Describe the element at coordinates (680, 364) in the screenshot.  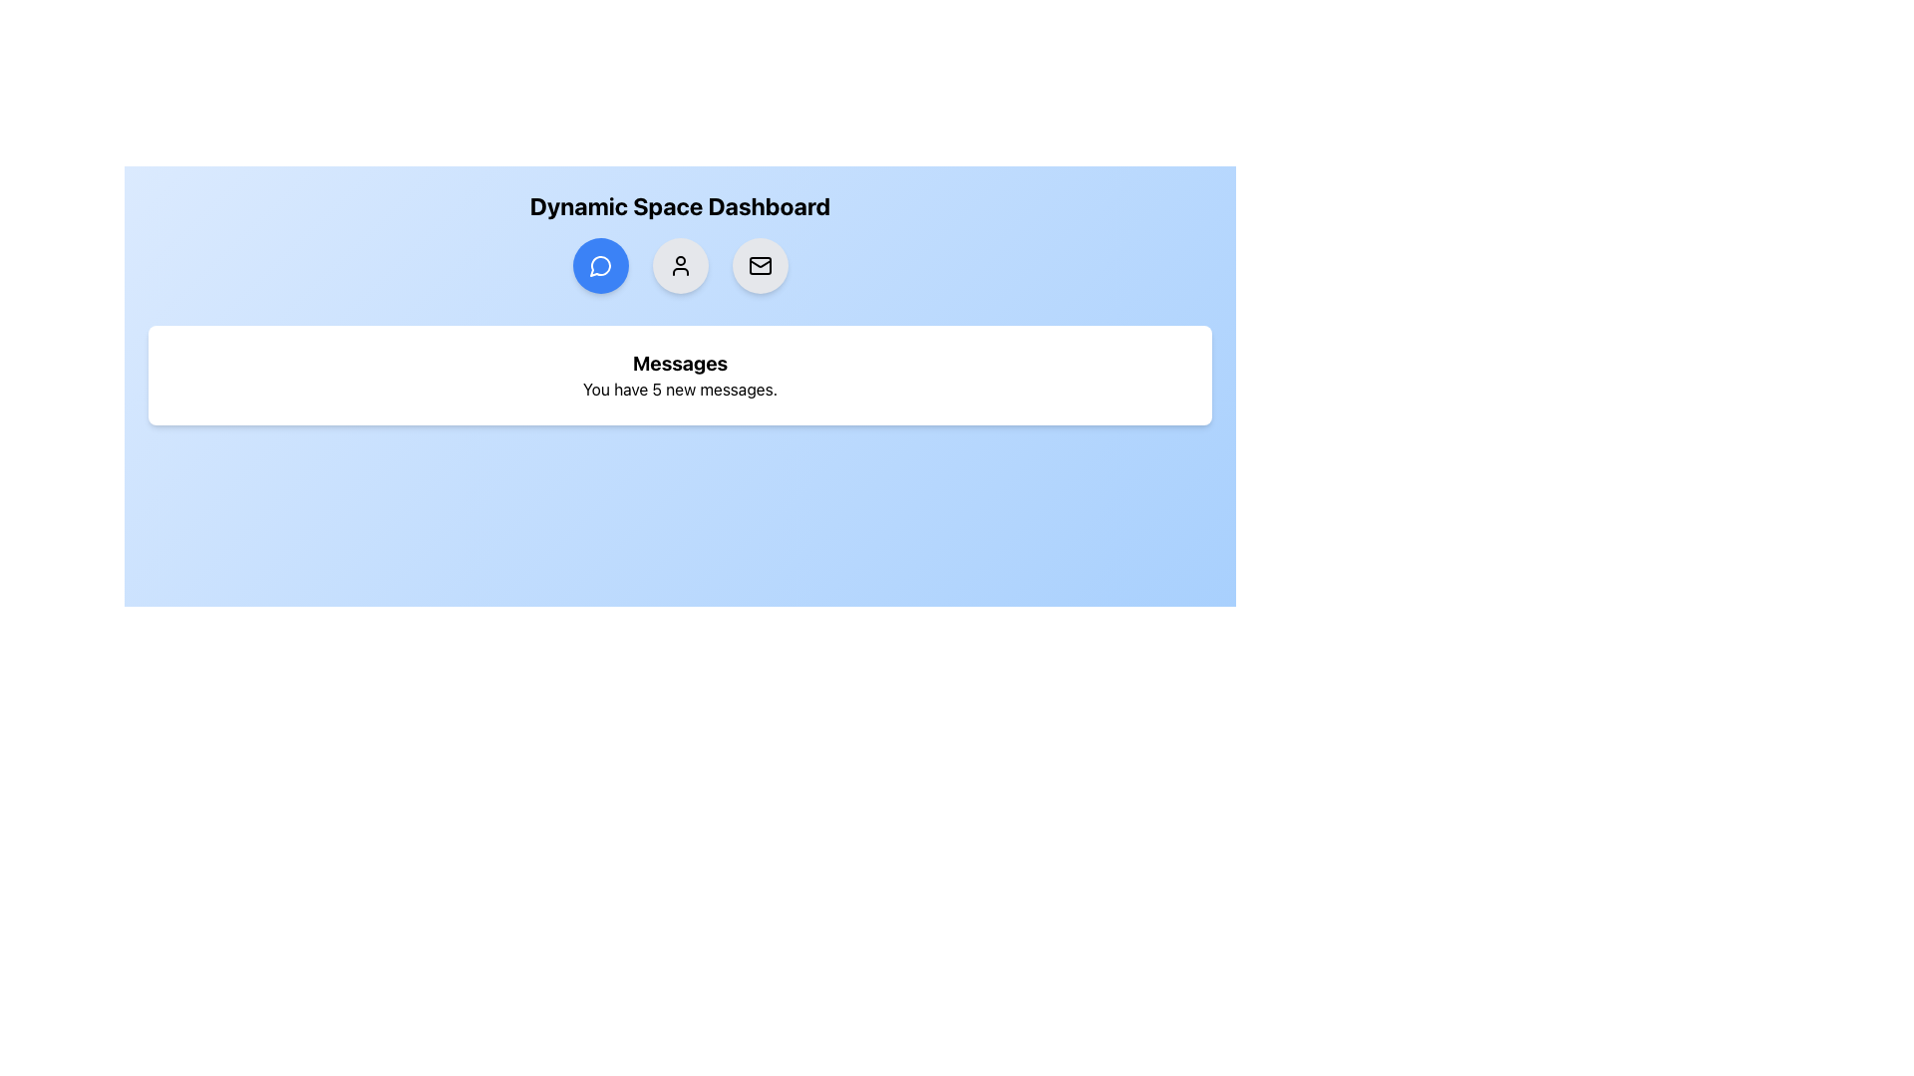
I see `the Text Label that serves as a header, indicating the content of the associated section, positioned above the line of text 'You have 5 new messages.'` at that location.